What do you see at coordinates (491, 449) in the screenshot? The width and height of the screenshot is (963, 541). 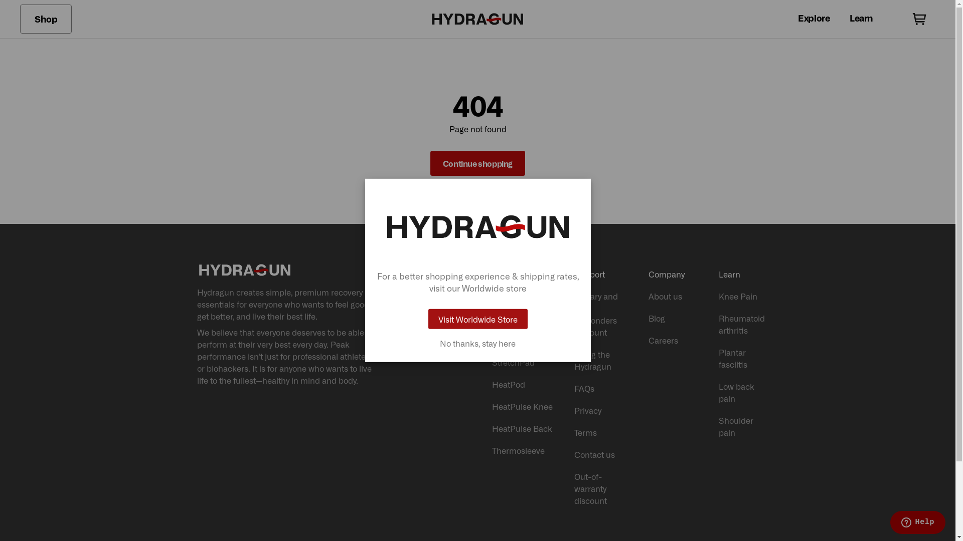 I see `'Thermosleeve'` at bounding box center [491, 449].